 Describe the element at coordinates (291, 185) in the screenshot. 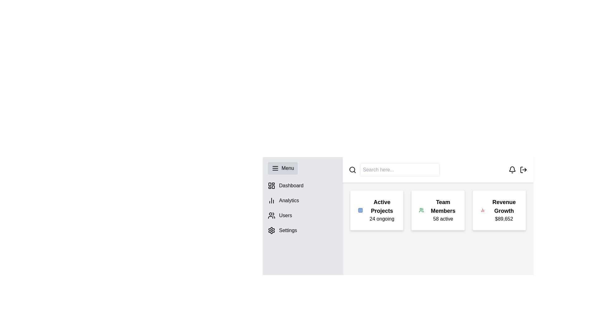

I see `the 'Dashboard' text label with hyperlink functionality located in the vertical navigation menu` at that location.